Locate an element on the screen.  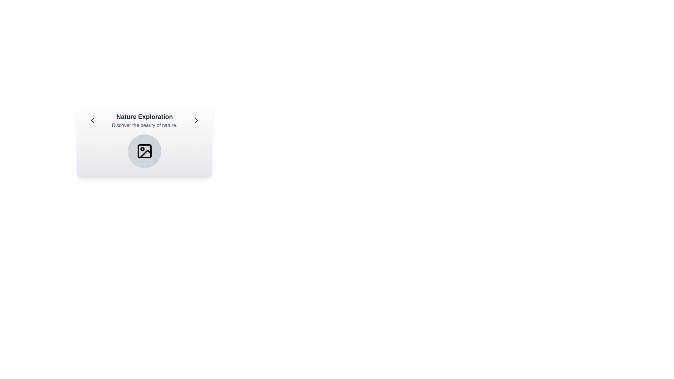
the chevron-shaped arrow icon pointing to the right, located on the right side of the 'Nature Exploration' section is located at coordinates (197, 120).